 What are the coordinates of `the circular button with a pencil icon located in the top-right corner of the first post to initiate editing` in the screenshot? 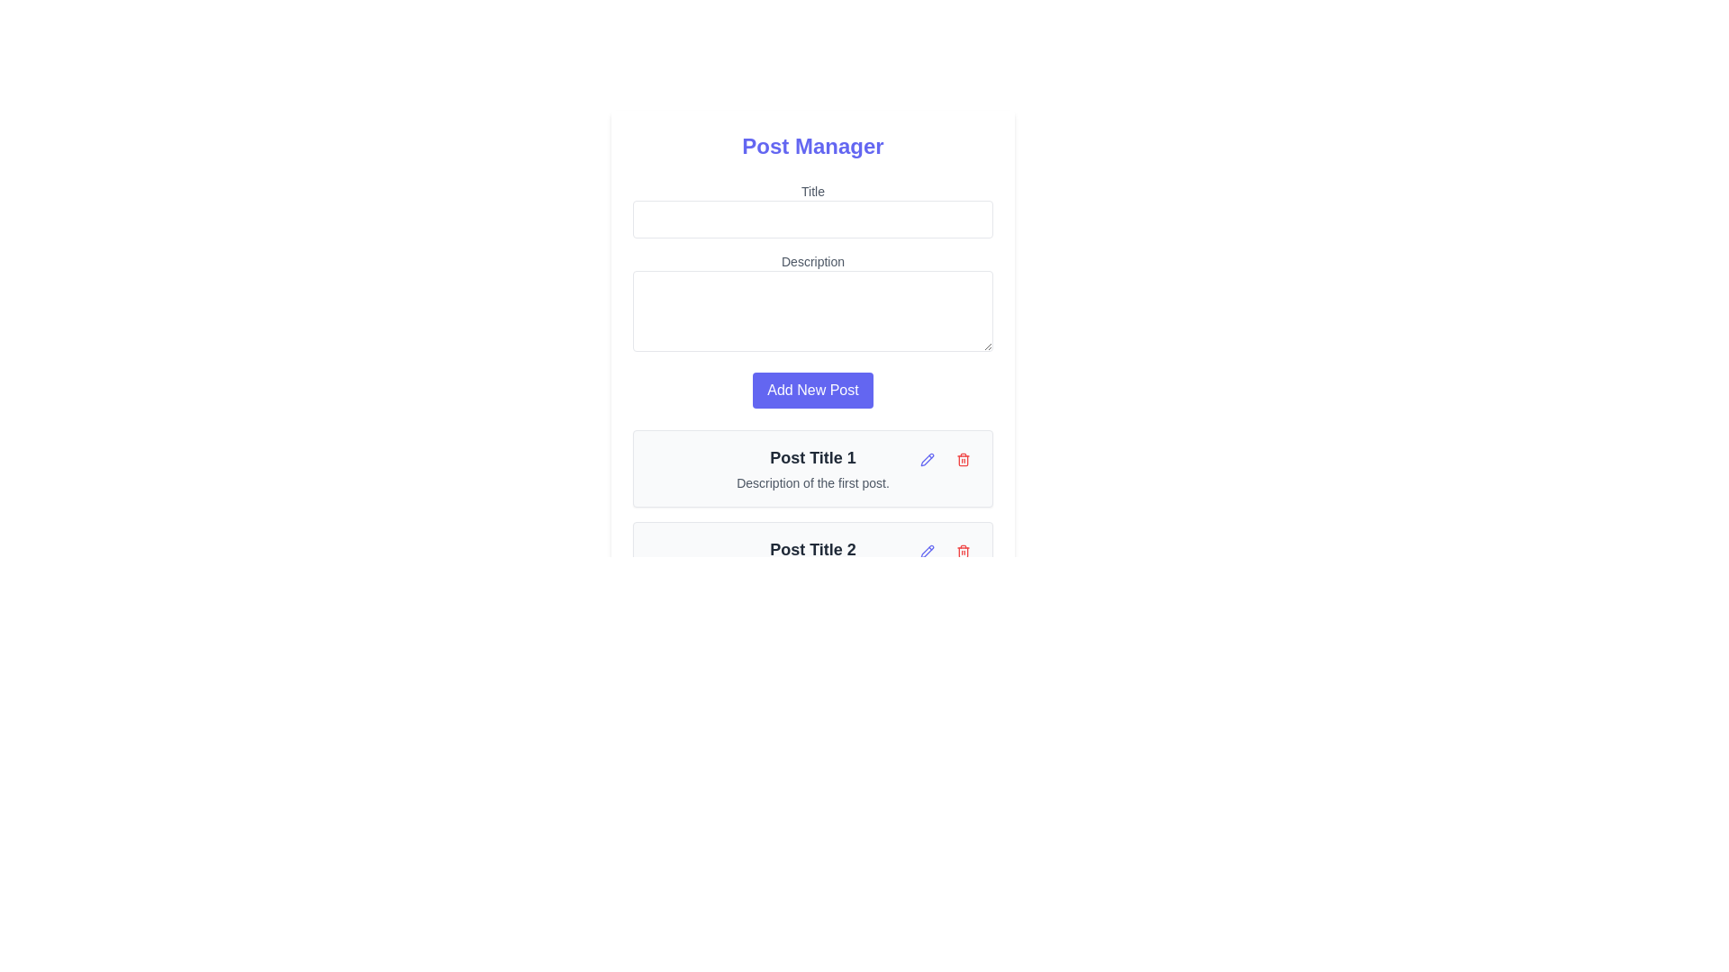 It's located at (928, 458).